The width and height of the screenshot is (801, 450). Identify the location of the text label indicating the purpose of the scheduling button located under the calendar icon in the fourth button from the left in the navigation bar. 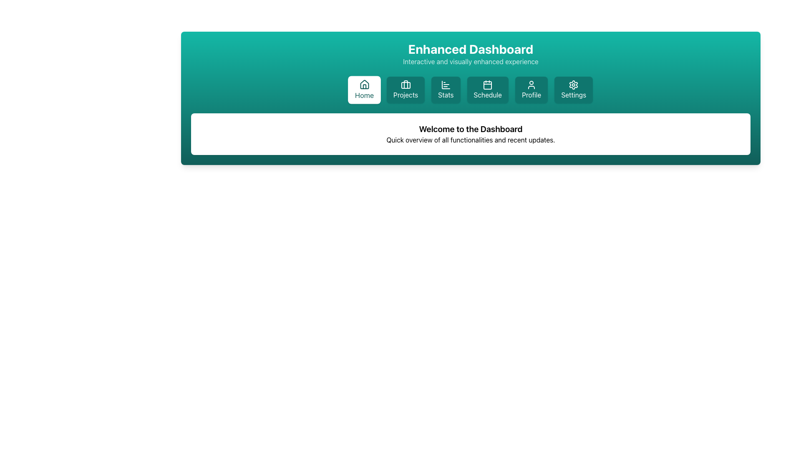
(488, 94).